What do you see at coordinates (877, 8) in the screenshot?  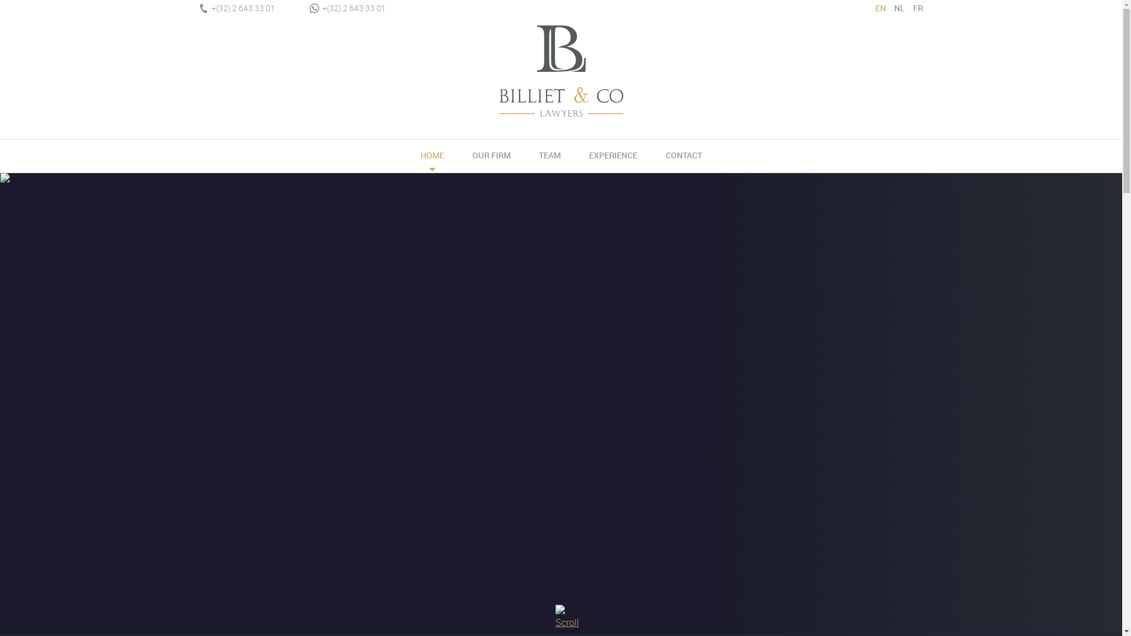 I see `'EN'` at bounding box center [877, 8].